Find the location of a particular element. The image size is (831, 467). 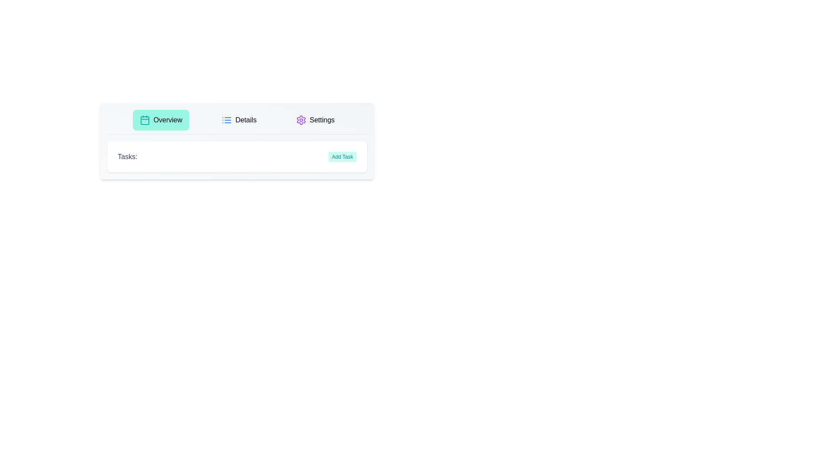

the Add Task Button to observe its hover effect is located at coordinates (342, 157).